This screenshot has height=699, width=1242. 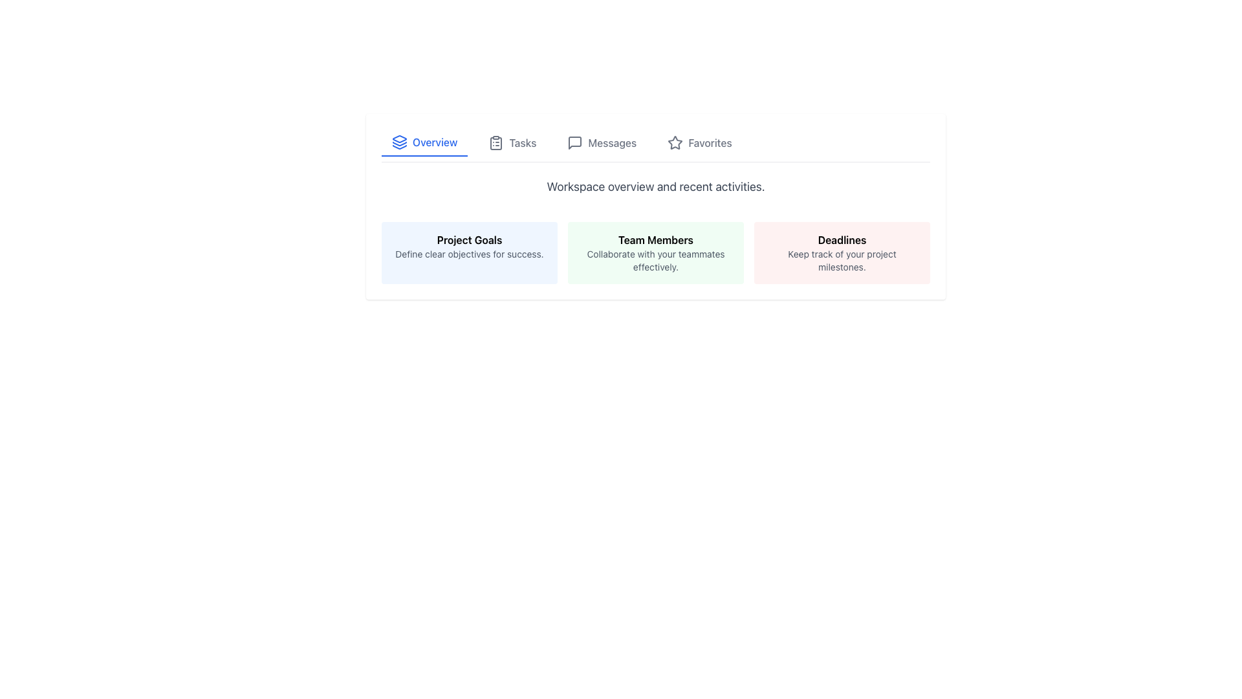 I want to click on the star-shaped icon with a hollow center, styled with a gray outline, located to the left of the 'Favorites' text in the top navigation bar, so click(x=675, y=142).